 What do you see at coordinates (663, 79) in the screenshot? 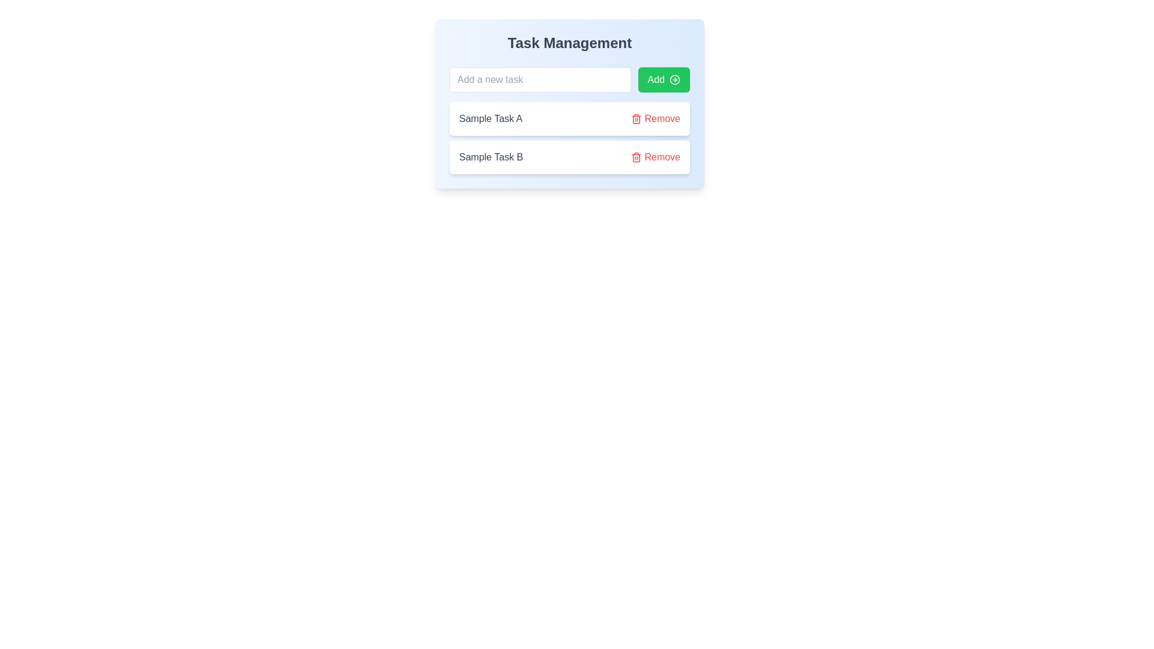
I see `the green 'Add' button with rounded edges that has white text and an icon of a rightward-pointing arrow, located on the right side of the input field in the task management interface` at bounding box center [663, 79].